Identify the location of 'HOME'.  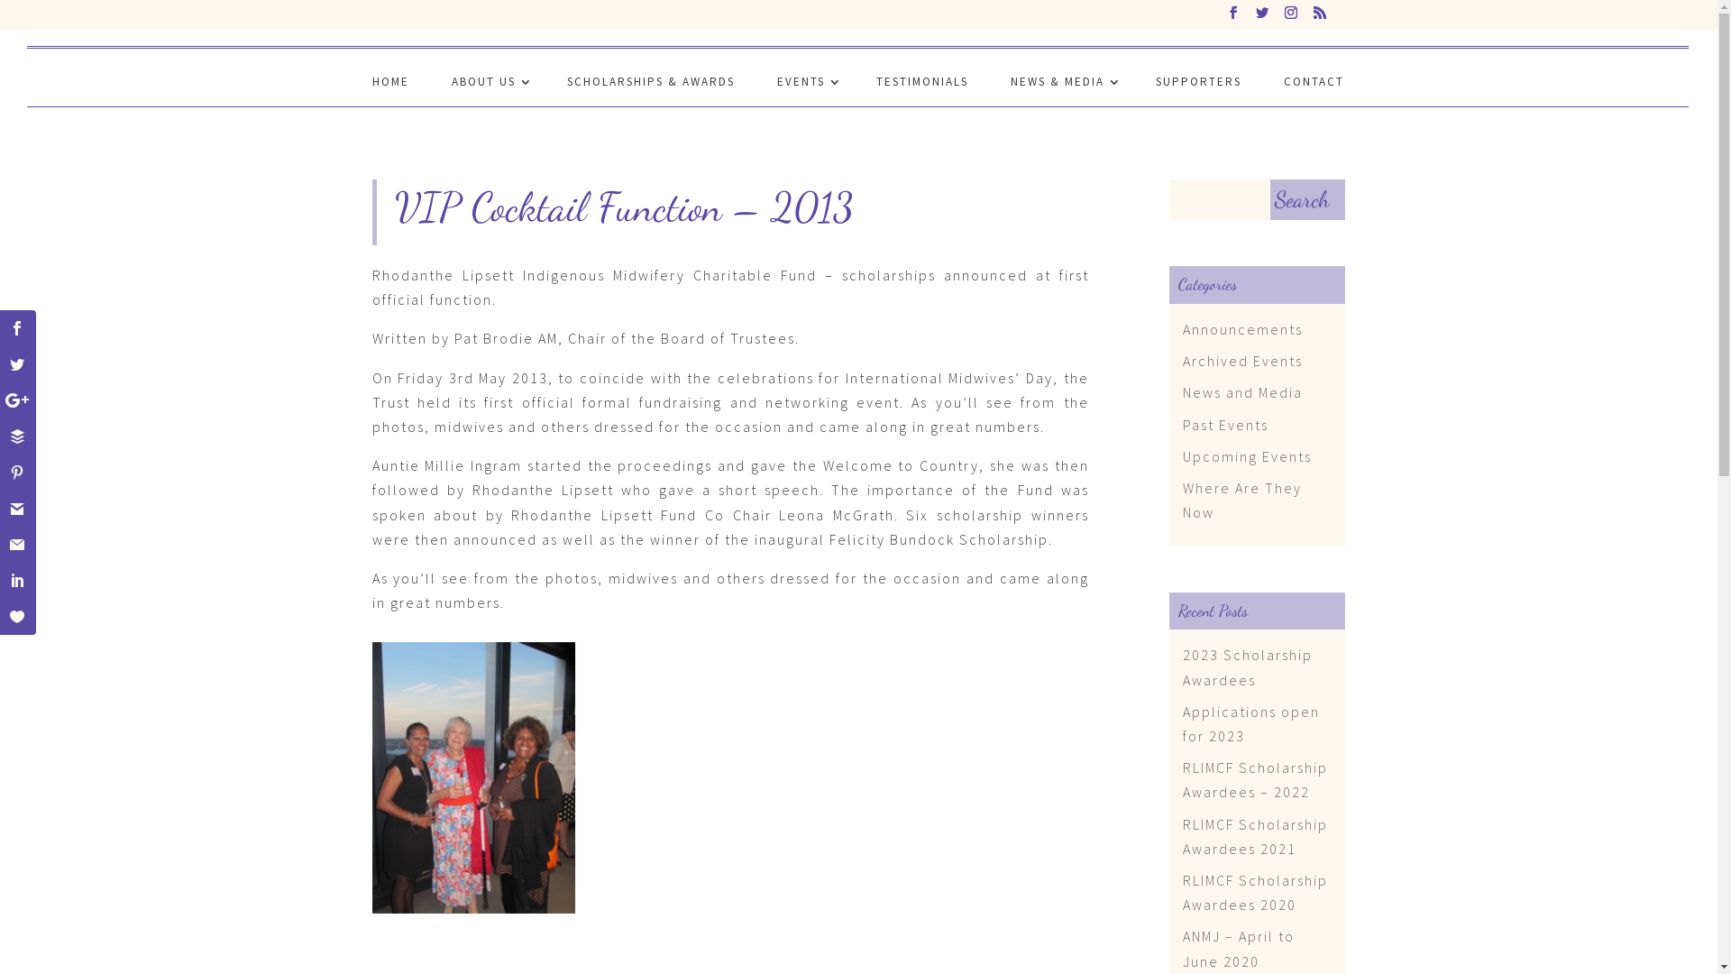
(362, 90).